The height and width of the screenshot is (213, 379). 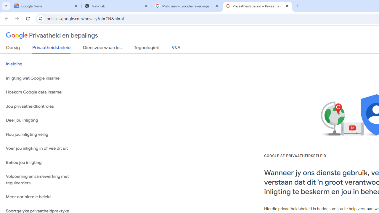 I want to click on 'Behou jou inligting', so click(x=45, y=162).